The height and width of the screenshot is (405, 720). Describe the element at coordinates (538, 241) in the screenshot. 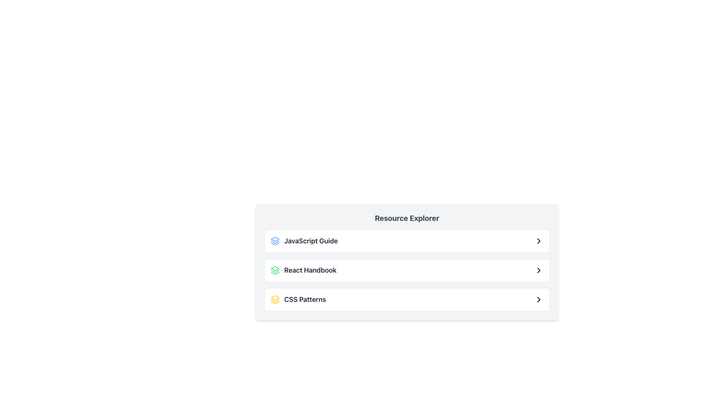

I see `the Chevron icon located at the extreme right end of the 'JavaScript Guide' list item in the 'Resource Explorer' interface` at that location.